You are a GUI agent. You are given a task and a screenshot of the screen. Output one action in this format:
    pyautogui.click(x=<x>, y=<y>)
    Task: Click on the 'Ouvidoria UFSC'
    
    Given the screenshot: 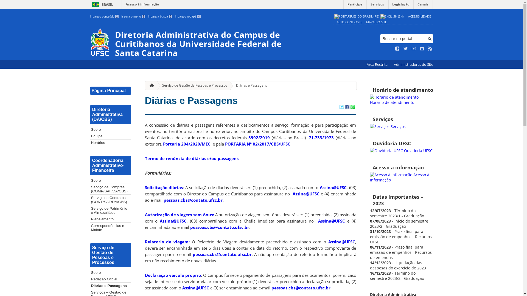 What is the action you would take?
    pyautogui.click(x=401, y=150)
    